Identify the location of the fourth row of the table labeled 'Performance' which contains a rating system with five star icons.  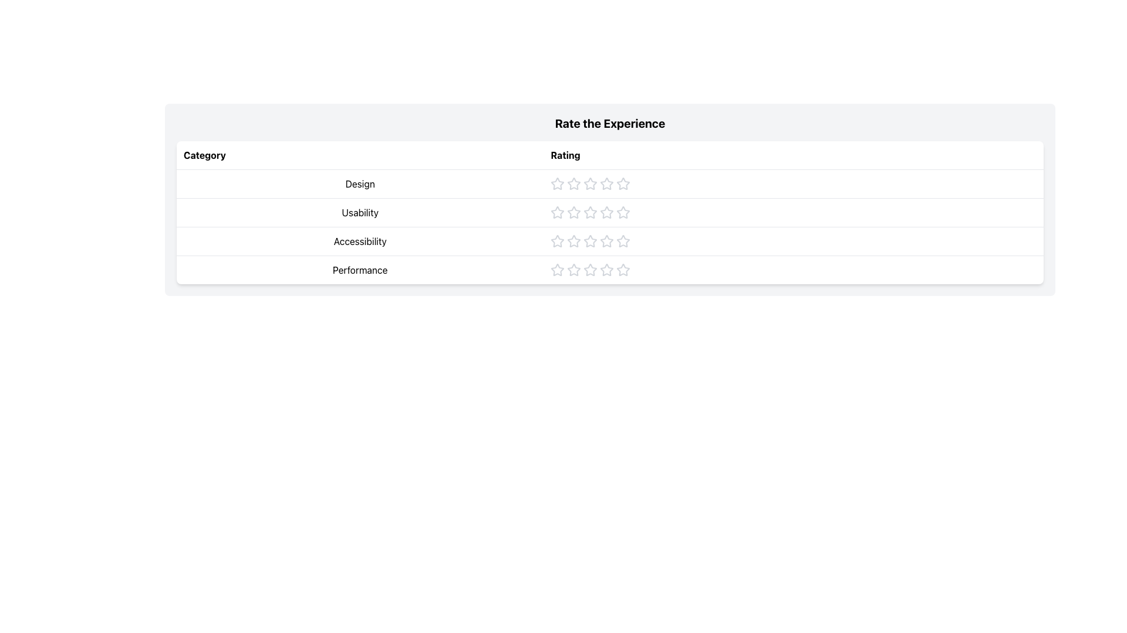
(610, 270).